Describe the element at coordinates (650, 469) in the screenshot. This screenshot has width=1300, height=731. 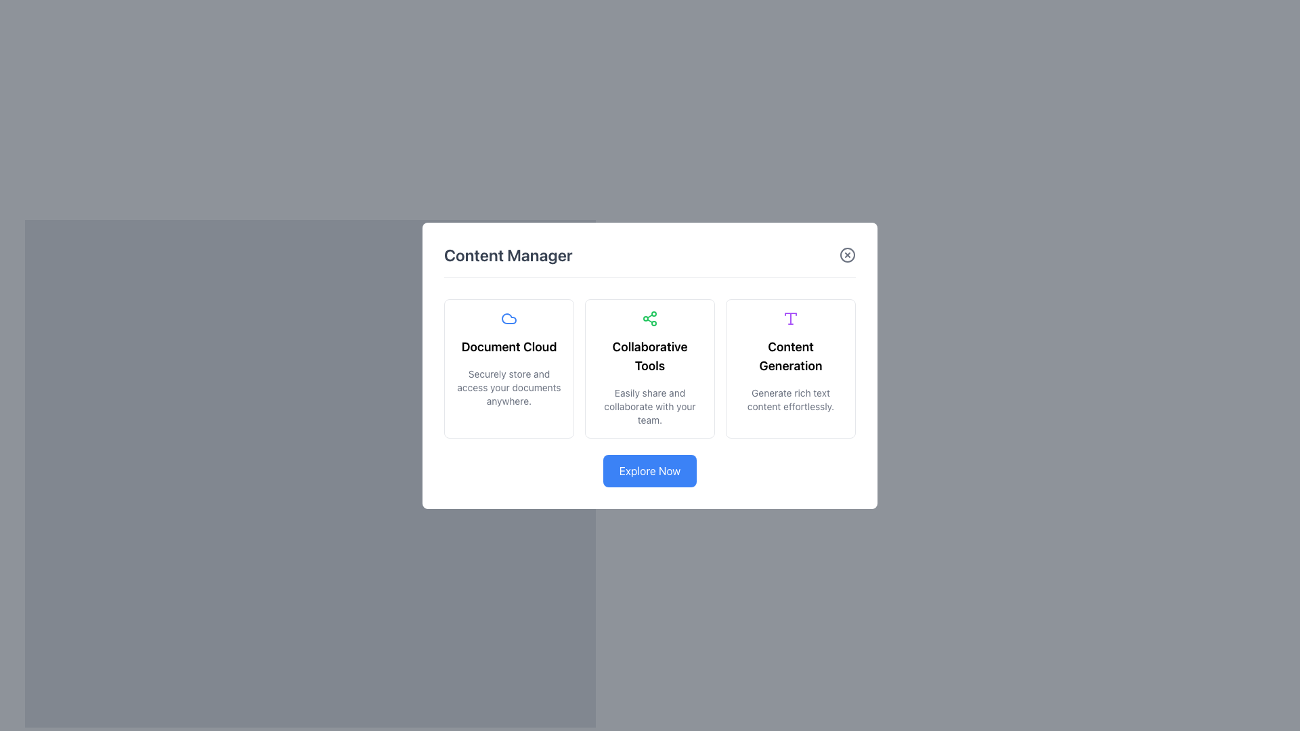
I see `the blue rectangular button with rounded corners and white text reading 'Explore Now' located at the bottom section of the modal dialog box` at that location.